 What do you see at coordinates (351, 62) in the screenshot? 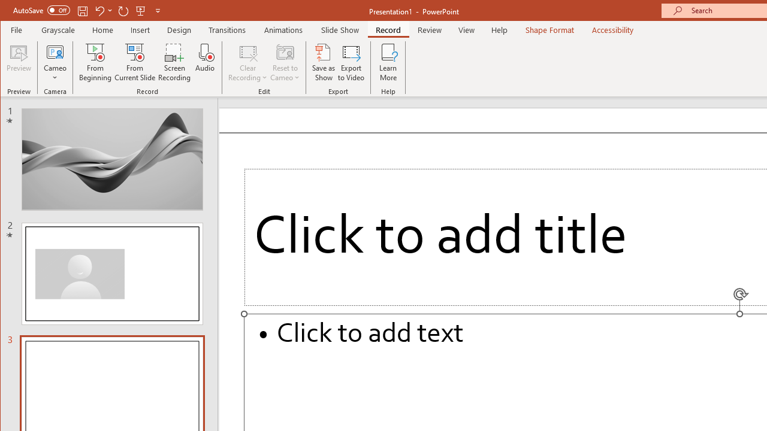
I see `'Export to Video'` at bounding box center [351, 62].